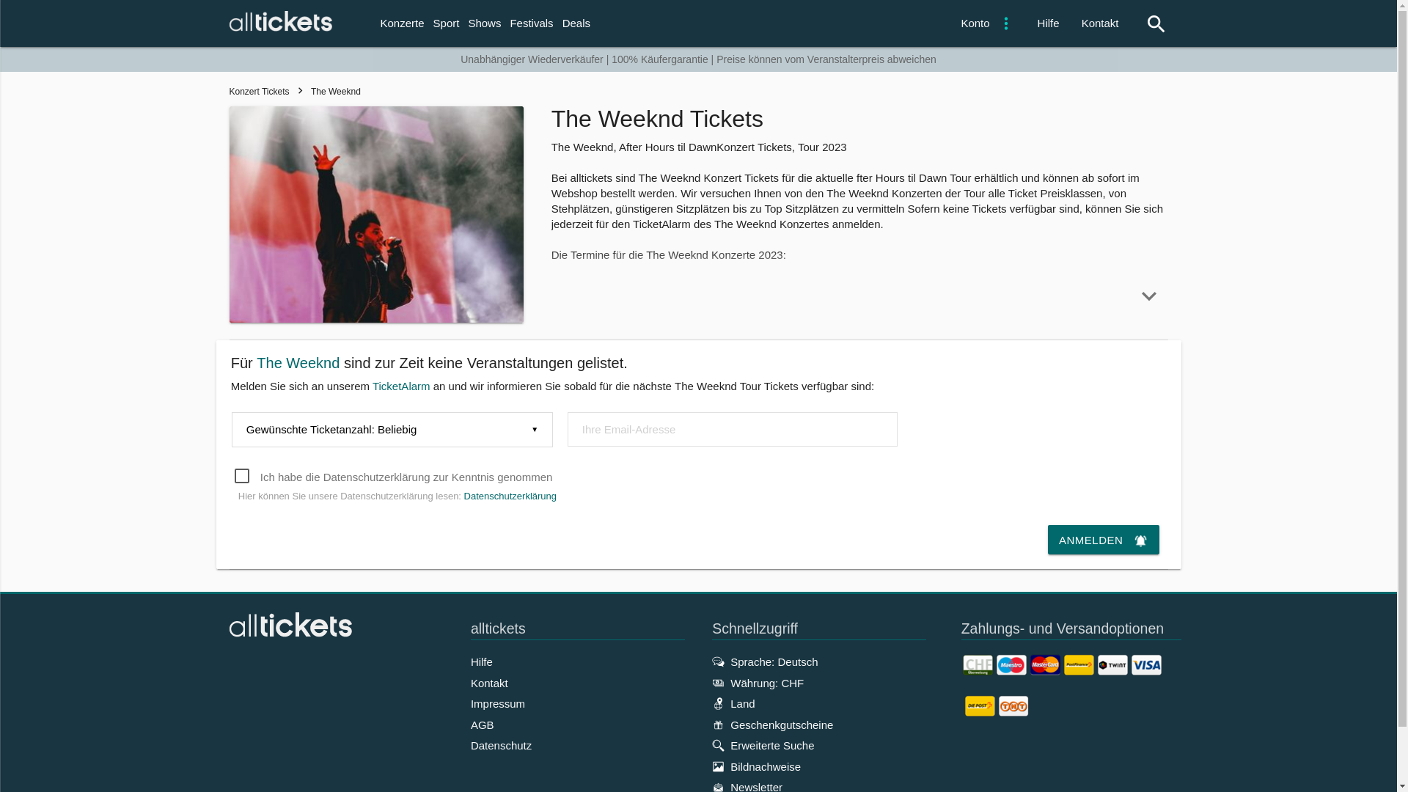  I want to click on 'Geschenkgutscheine', so click(771, 724).